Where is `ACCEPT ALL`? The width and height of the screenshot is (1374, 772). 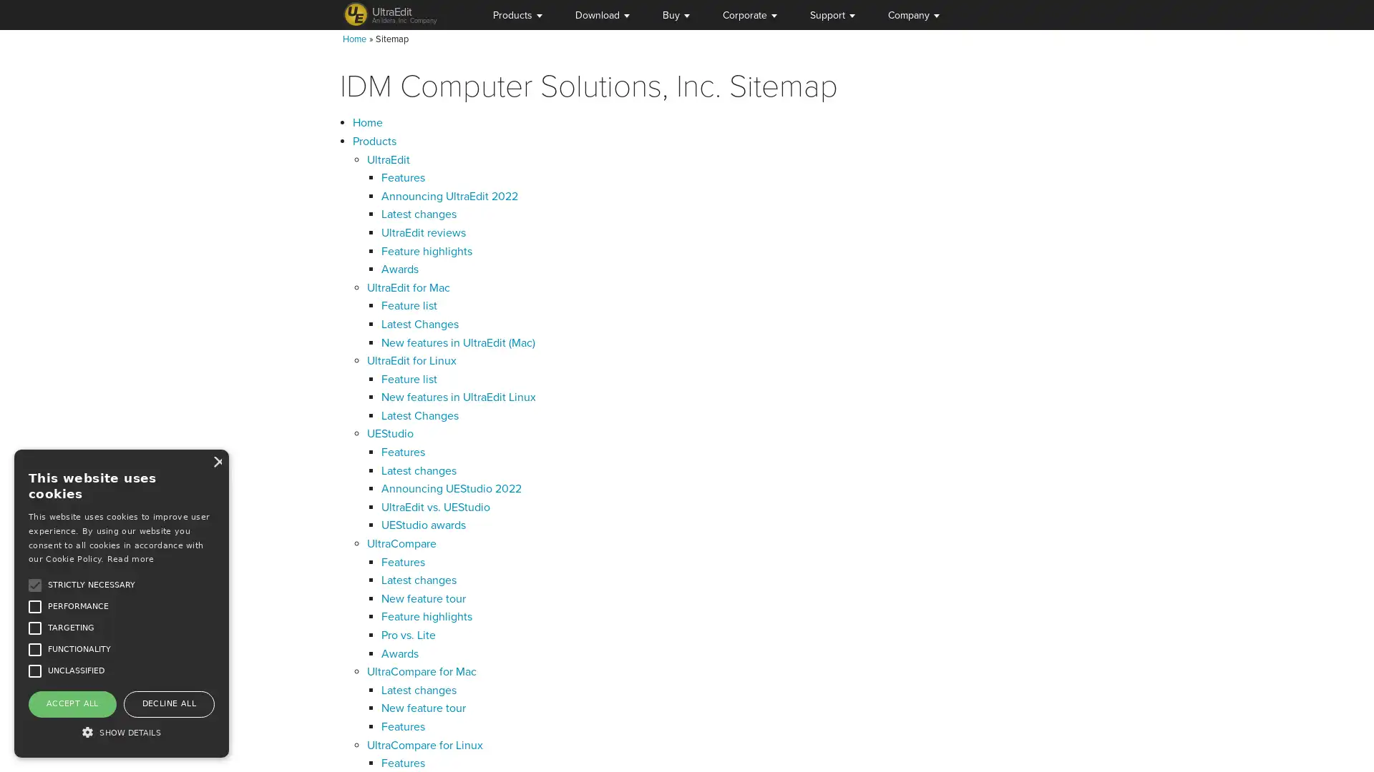 ACCEPT ALL is located at coordinates (71, 703).